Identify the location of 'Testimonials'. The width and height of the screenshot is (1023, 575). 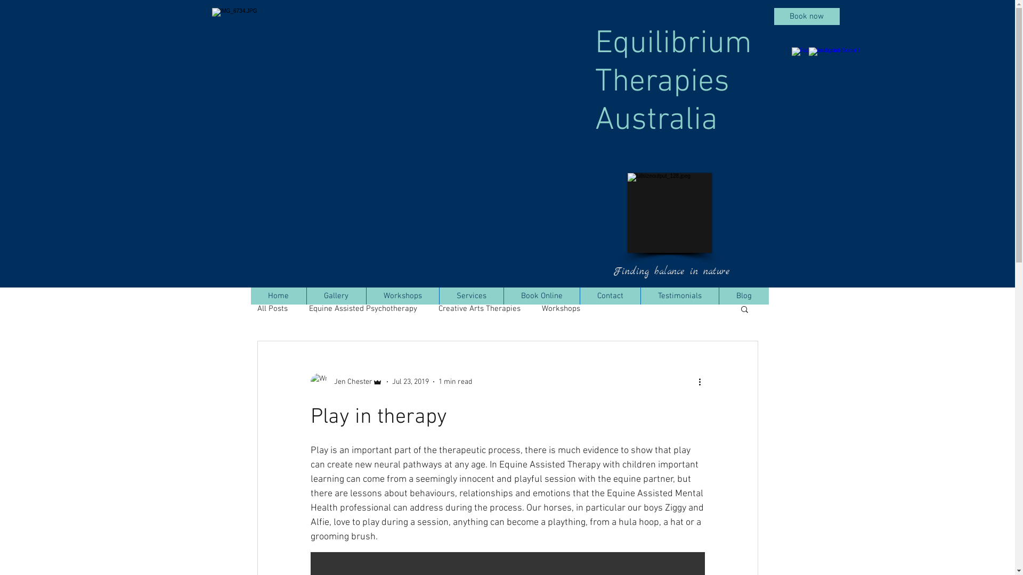
(679, 295).